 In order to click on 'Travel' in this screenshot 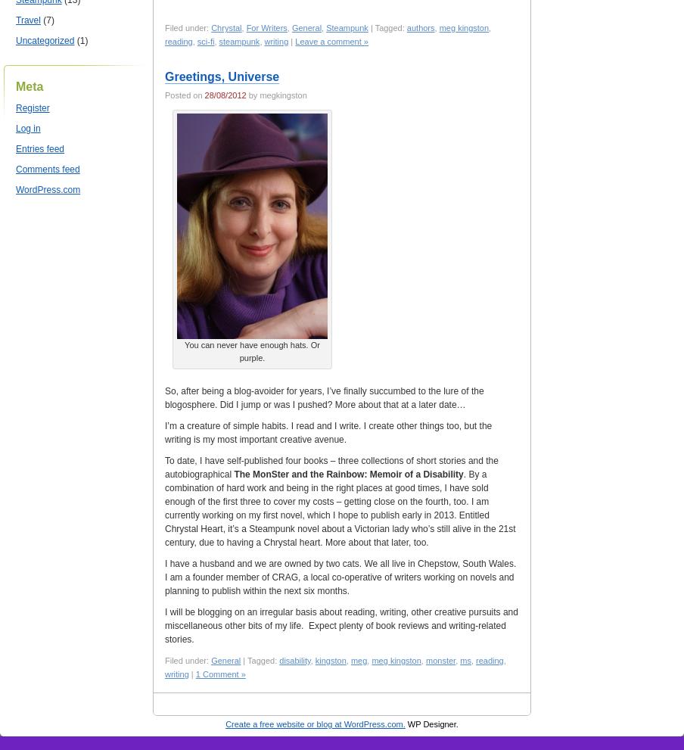, I will do `click(26, 19)`.